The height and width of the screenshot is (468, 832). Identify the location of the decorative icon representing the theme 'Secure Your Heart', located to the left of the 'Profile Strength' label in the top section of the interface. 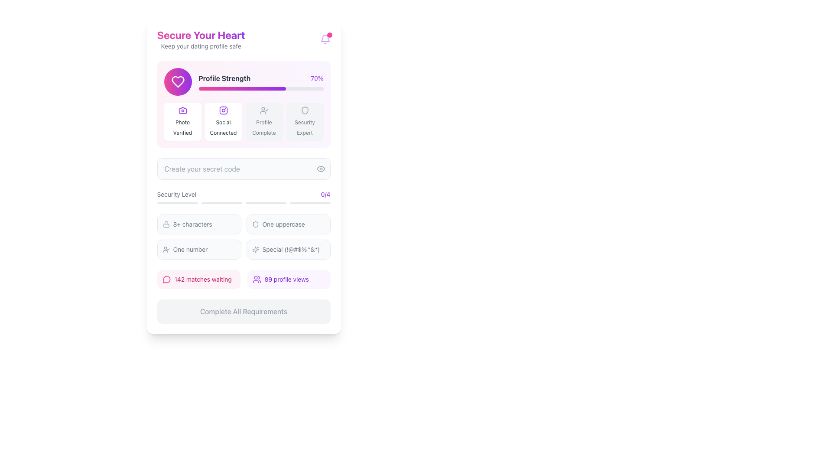
(177, 82).